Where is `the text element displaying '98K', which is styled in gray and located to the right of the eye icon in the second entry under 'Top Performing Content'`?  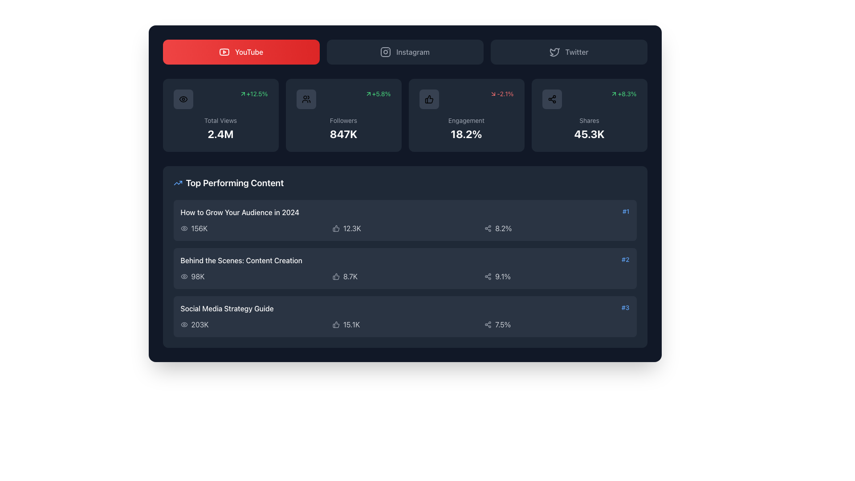 the text element displaying '98K', which is styled in gray and located to the right of the eye icon in the second entry under 'Top Performing Content' is located at coordinates (197, 276).